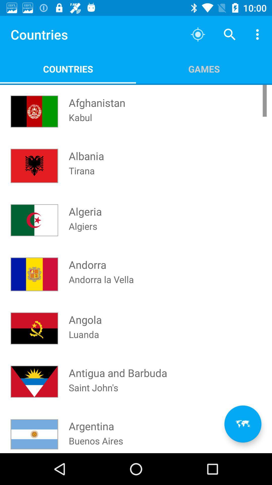 This screenshot has width=272, height=485. I want to click on antigua and barbuda item, so click(118, 368).